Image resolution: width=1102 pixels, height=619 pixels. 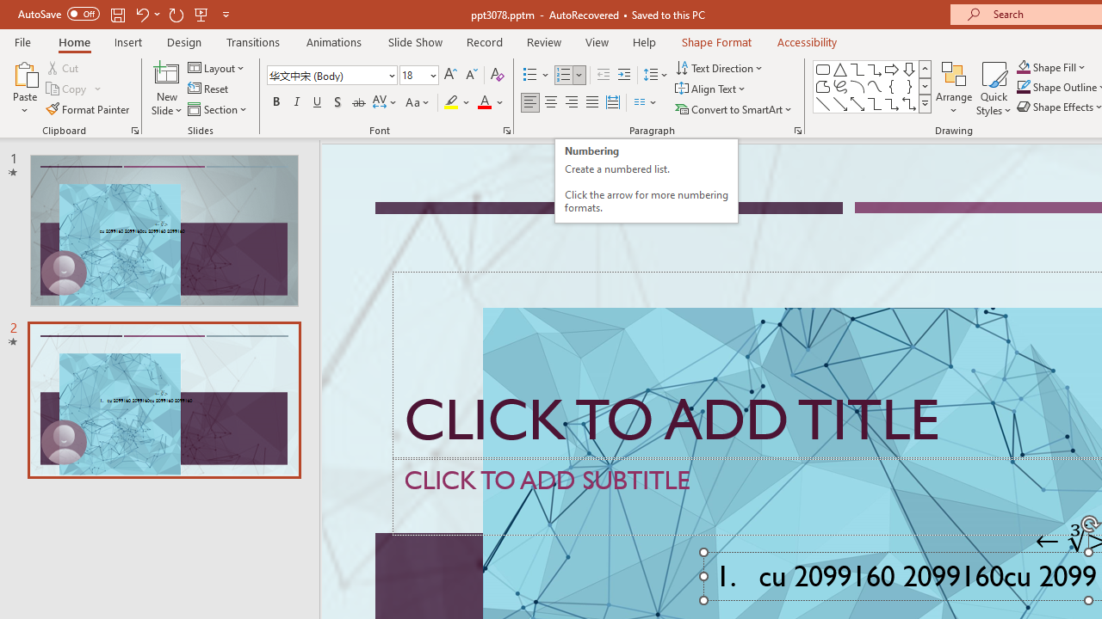 I want to click on 'Cut', so click(x=64, y=67).